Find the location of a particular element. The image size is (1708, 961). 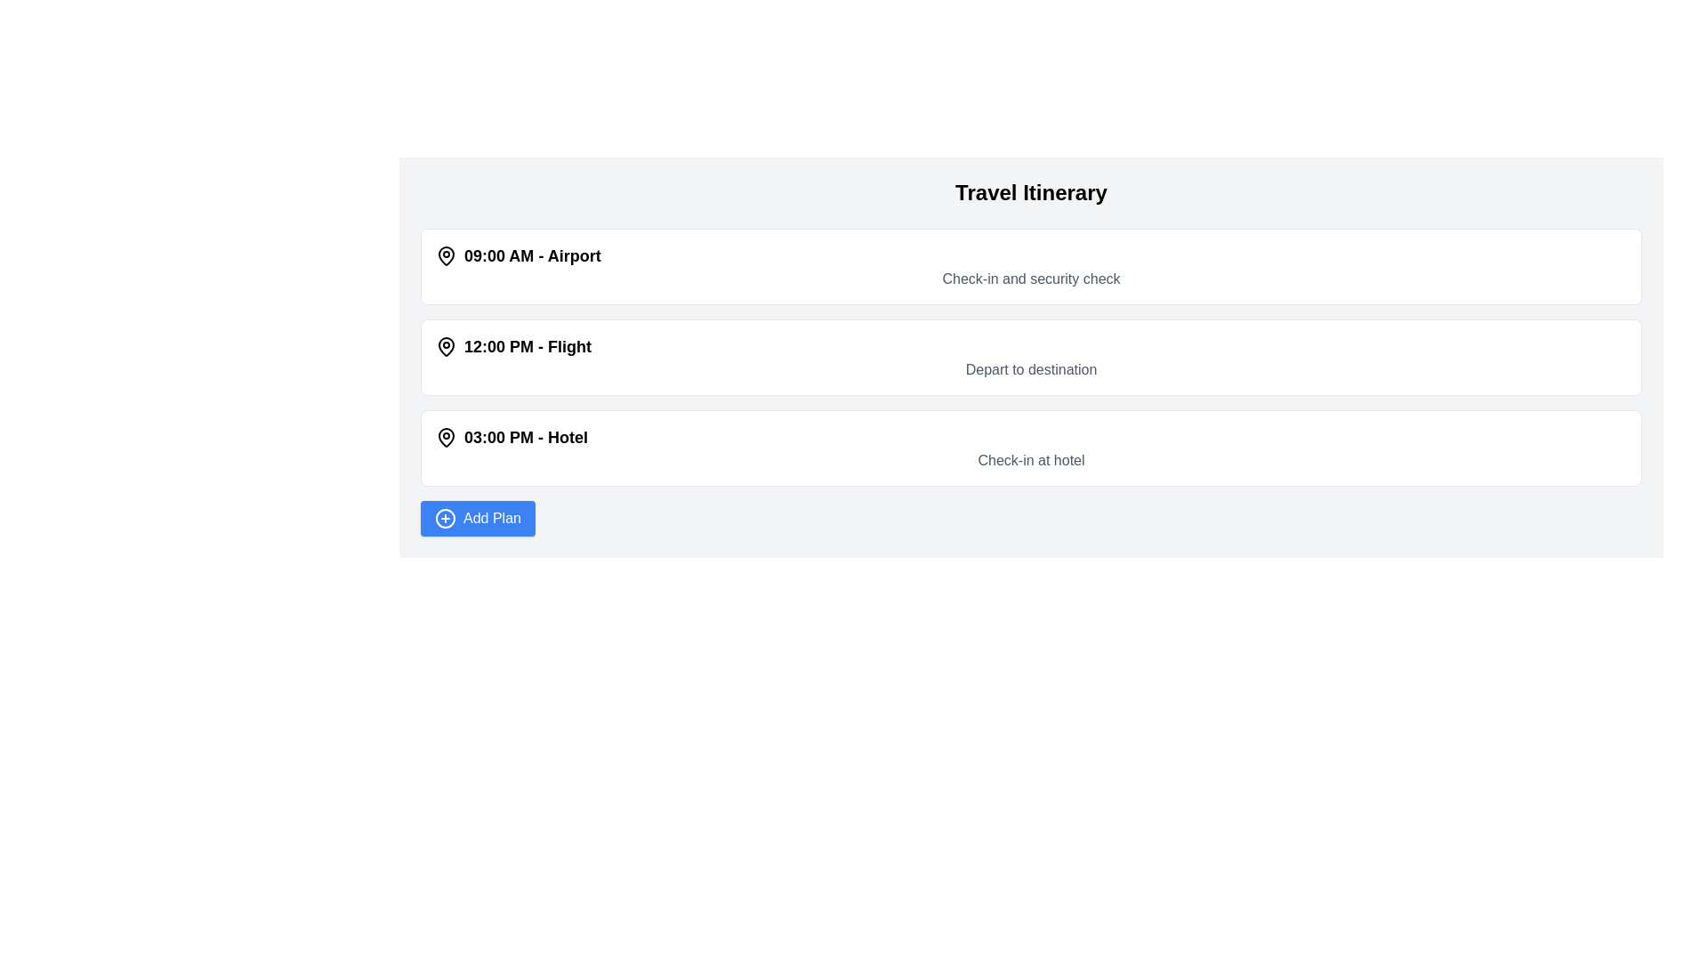

the location marker icon associated with the '12:00 PM - Flight' itinerary entry, positioned near the left side of the corresponding text is located at coordinates (447, 346).